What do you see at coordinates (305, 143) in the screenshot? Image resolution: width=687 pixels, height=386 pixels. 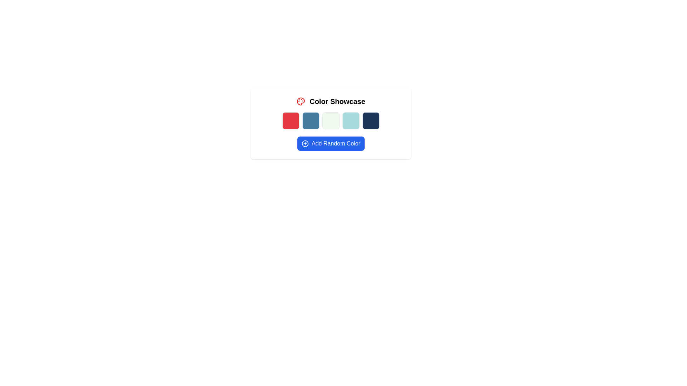 I see `the SVG circle element that is part of the circular area representing a plus symbol, located centrally below the color swatch row and above the 'Add Random Color' button` at bounding box center [305, 143].